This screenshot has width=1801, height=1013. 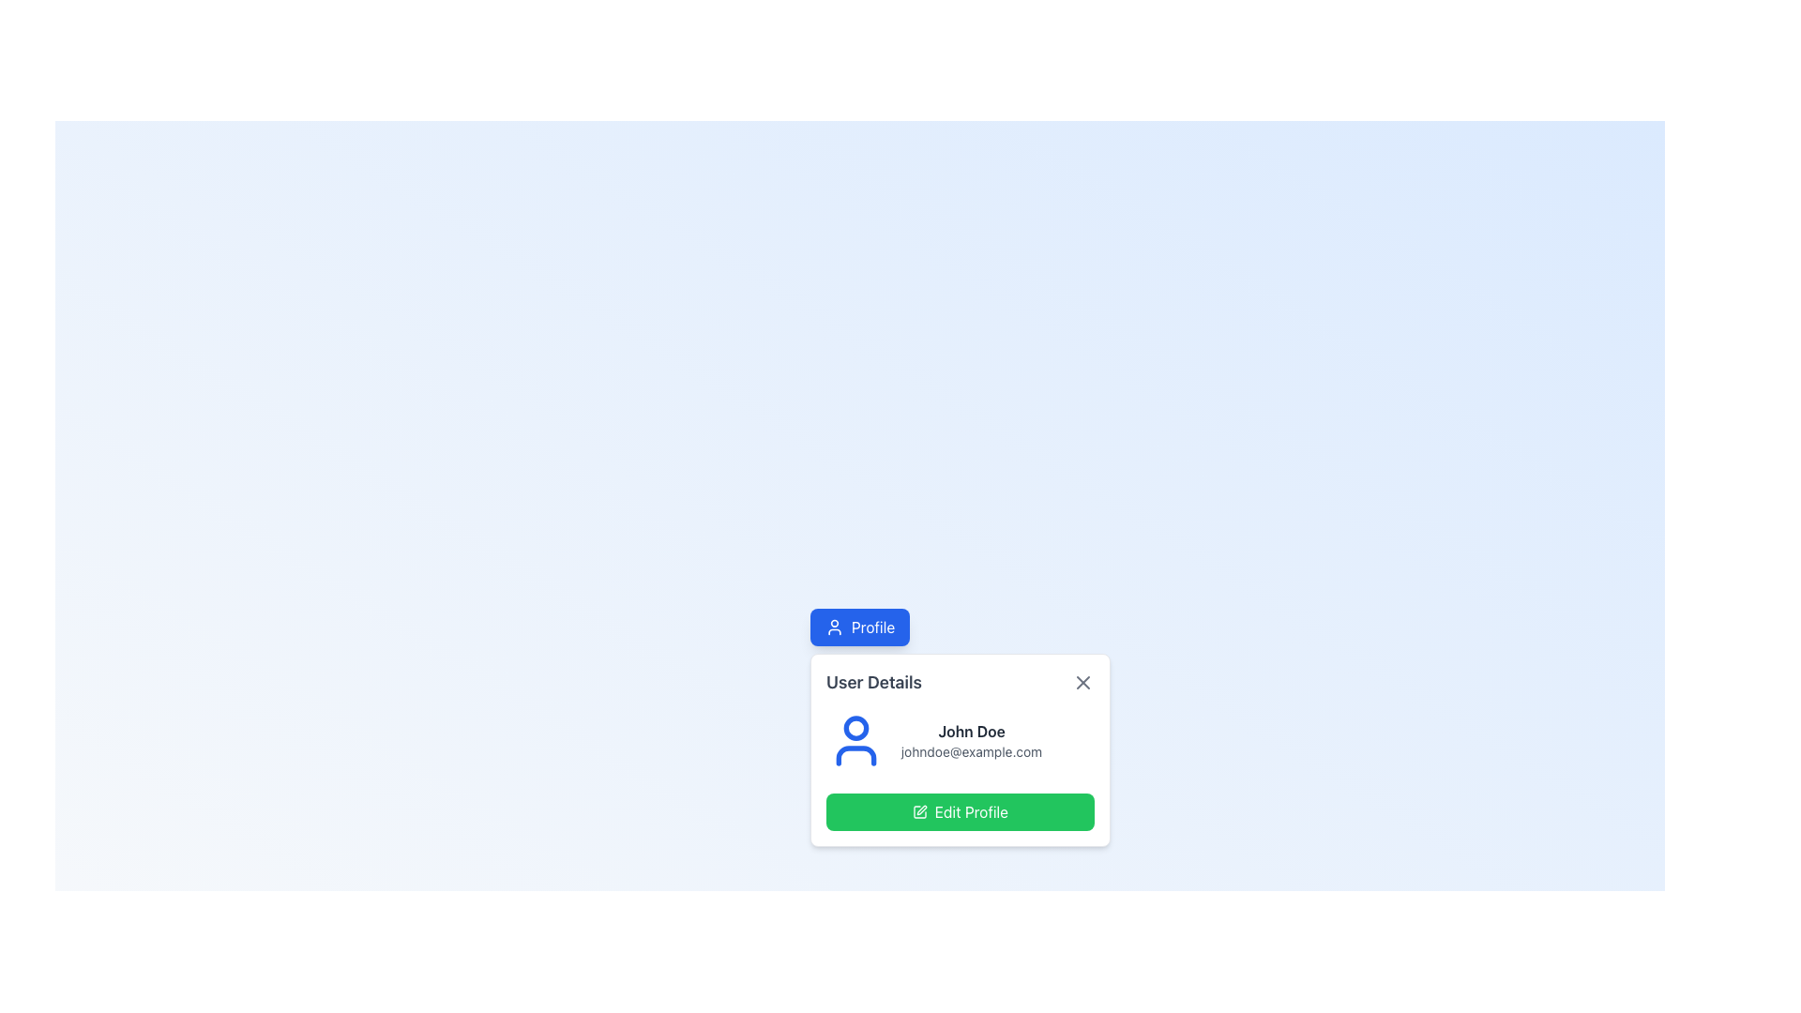 What do you see at coordinates (960, 811) in the screenshot?
I see `the green 'Edit Profile' button with rounded corners to initiate profile editing` at bounding box center [960, 811].